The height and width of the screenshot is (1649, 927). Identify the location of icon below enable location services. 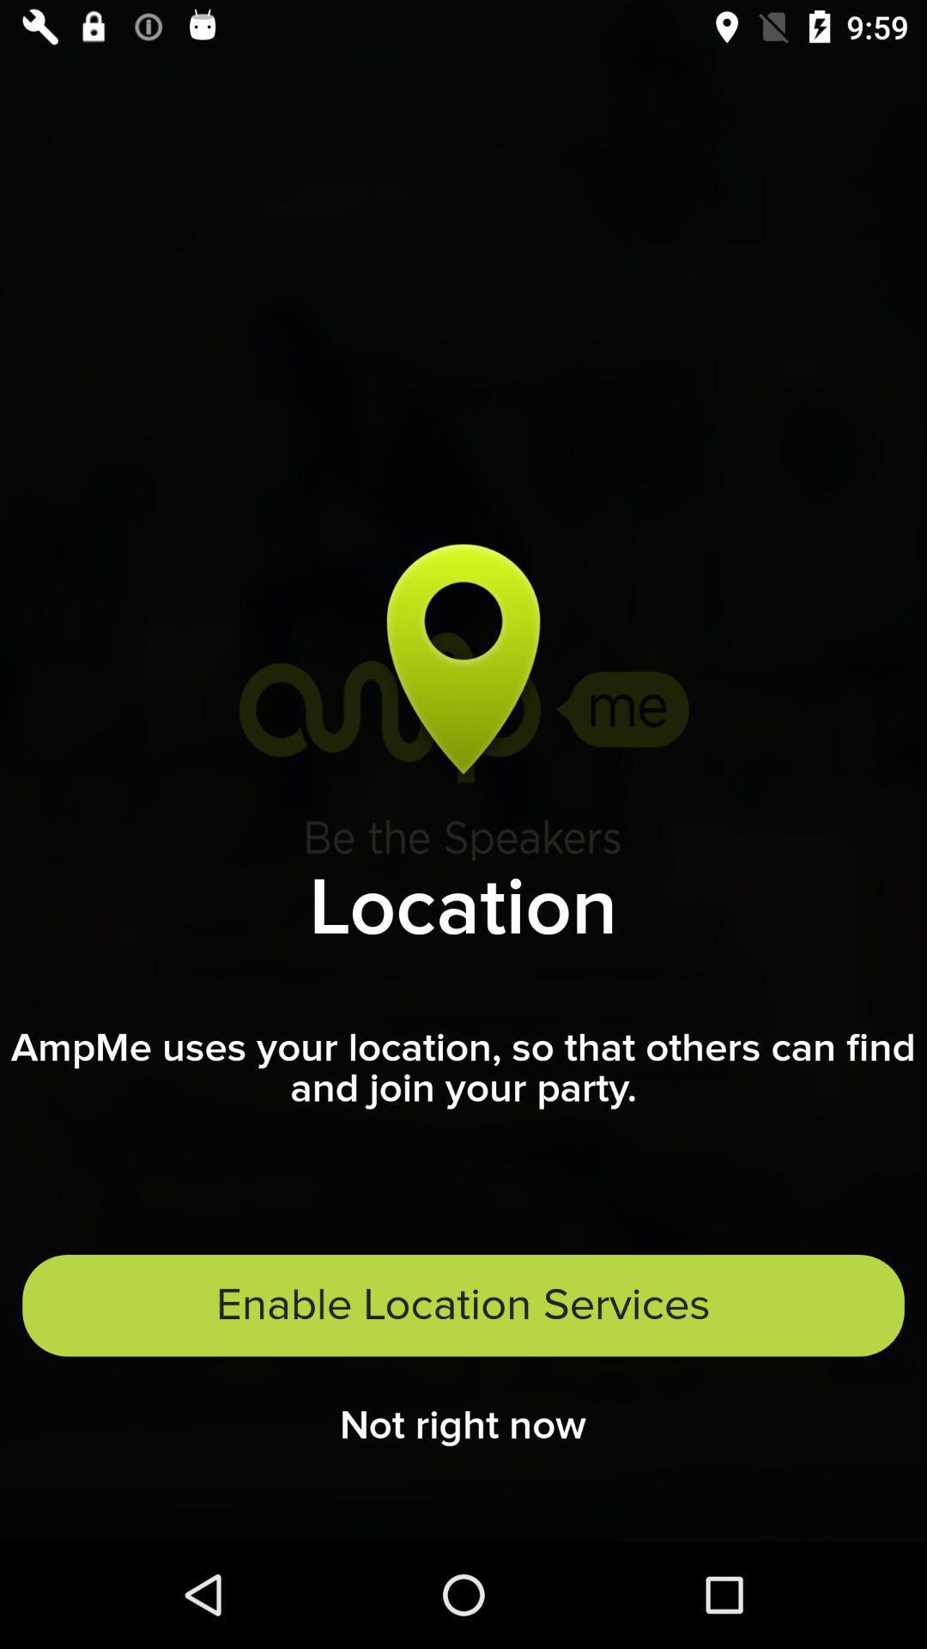
(462, 1431).